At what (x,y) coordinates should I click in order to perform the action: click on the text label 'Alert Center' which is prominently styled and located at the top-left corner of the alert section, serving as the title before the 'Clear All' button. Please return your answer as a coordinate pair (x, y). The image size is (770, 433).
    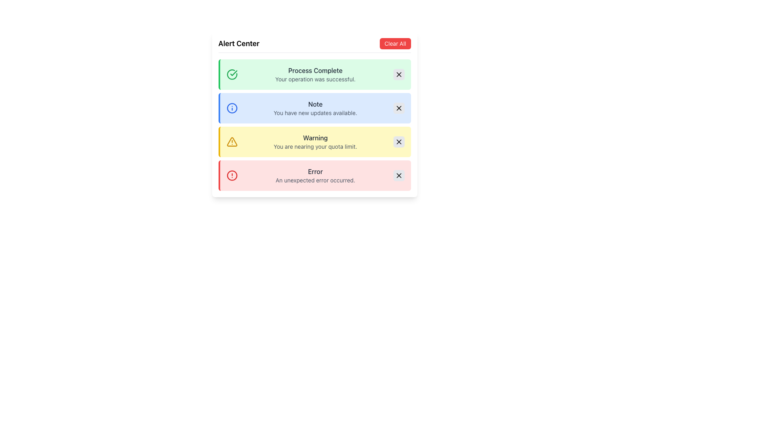
    Looking at the image, I should click on (238, 43).